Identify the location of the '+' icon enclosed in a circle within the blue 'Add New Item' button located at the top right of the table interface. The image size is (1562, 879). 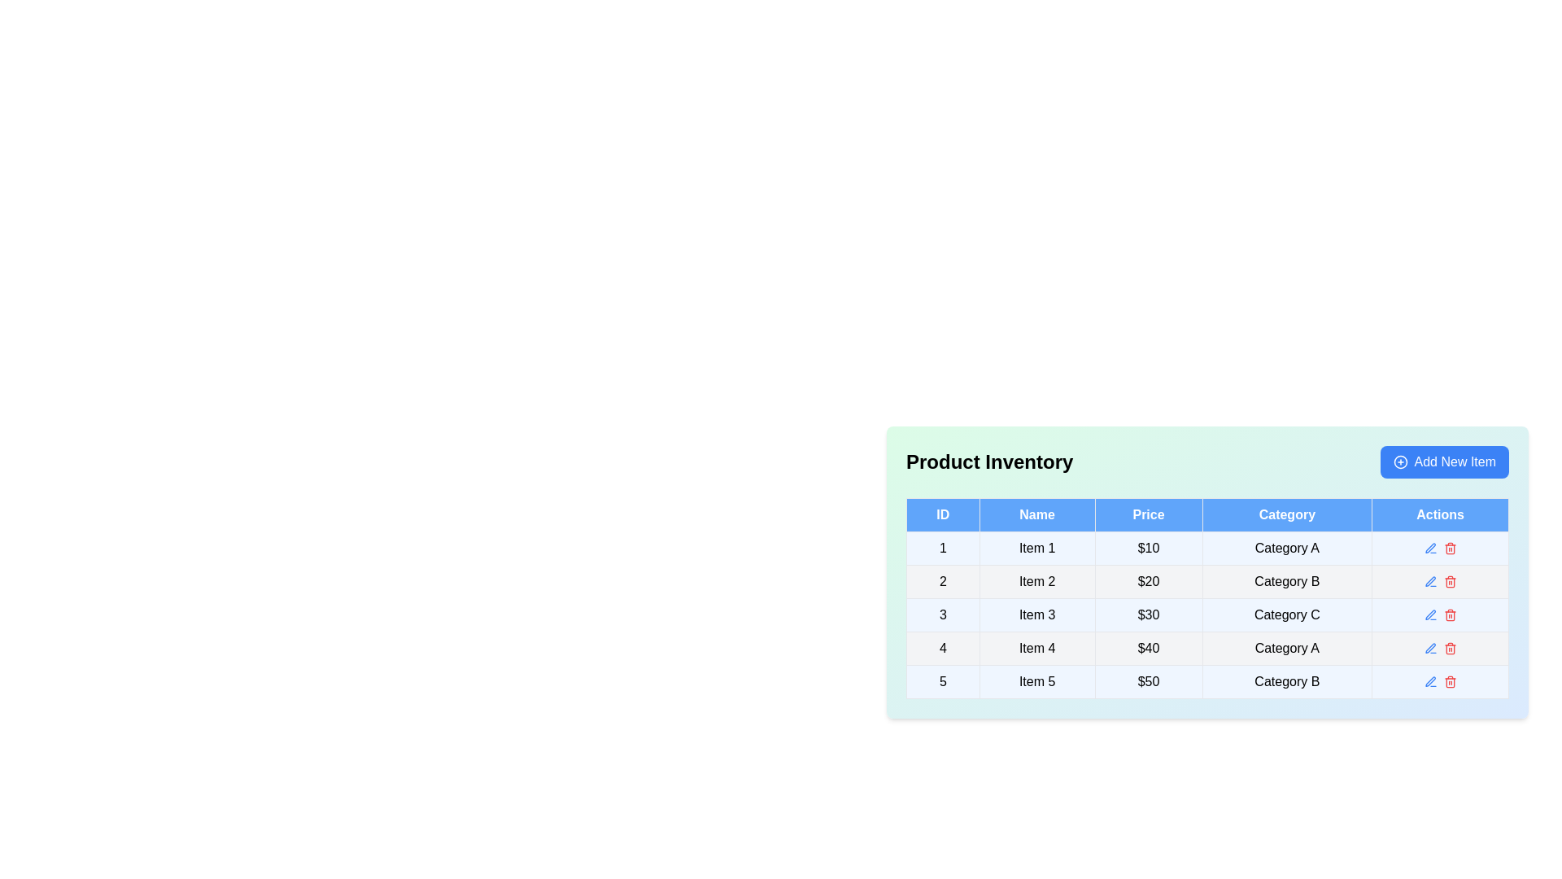
(1399, 461).